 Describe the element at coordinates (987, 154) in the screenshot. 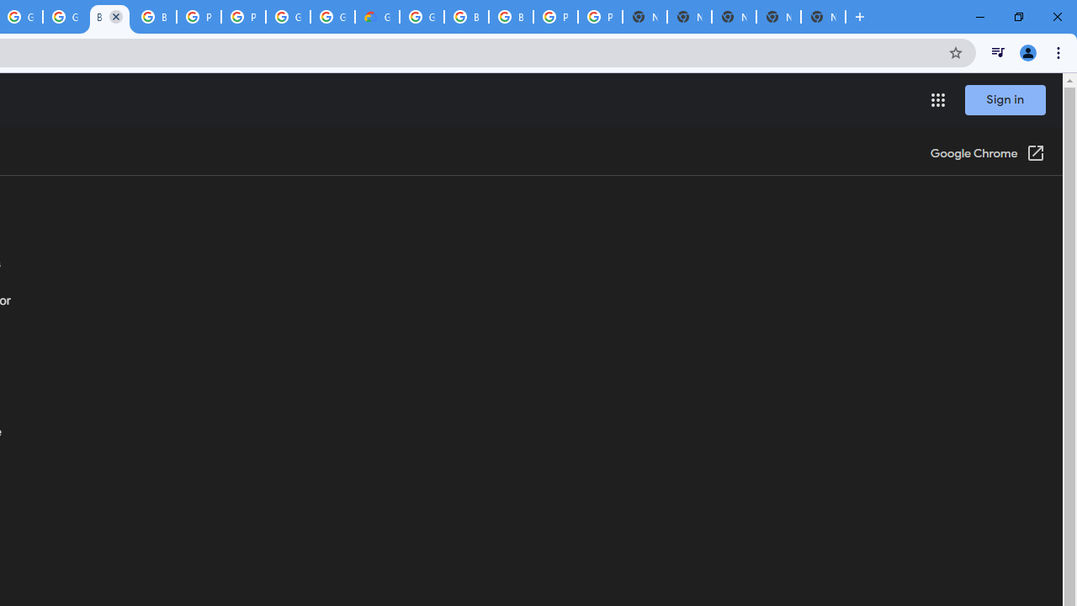

I see `'Google Chrome (Open in a new window)'` at that location.